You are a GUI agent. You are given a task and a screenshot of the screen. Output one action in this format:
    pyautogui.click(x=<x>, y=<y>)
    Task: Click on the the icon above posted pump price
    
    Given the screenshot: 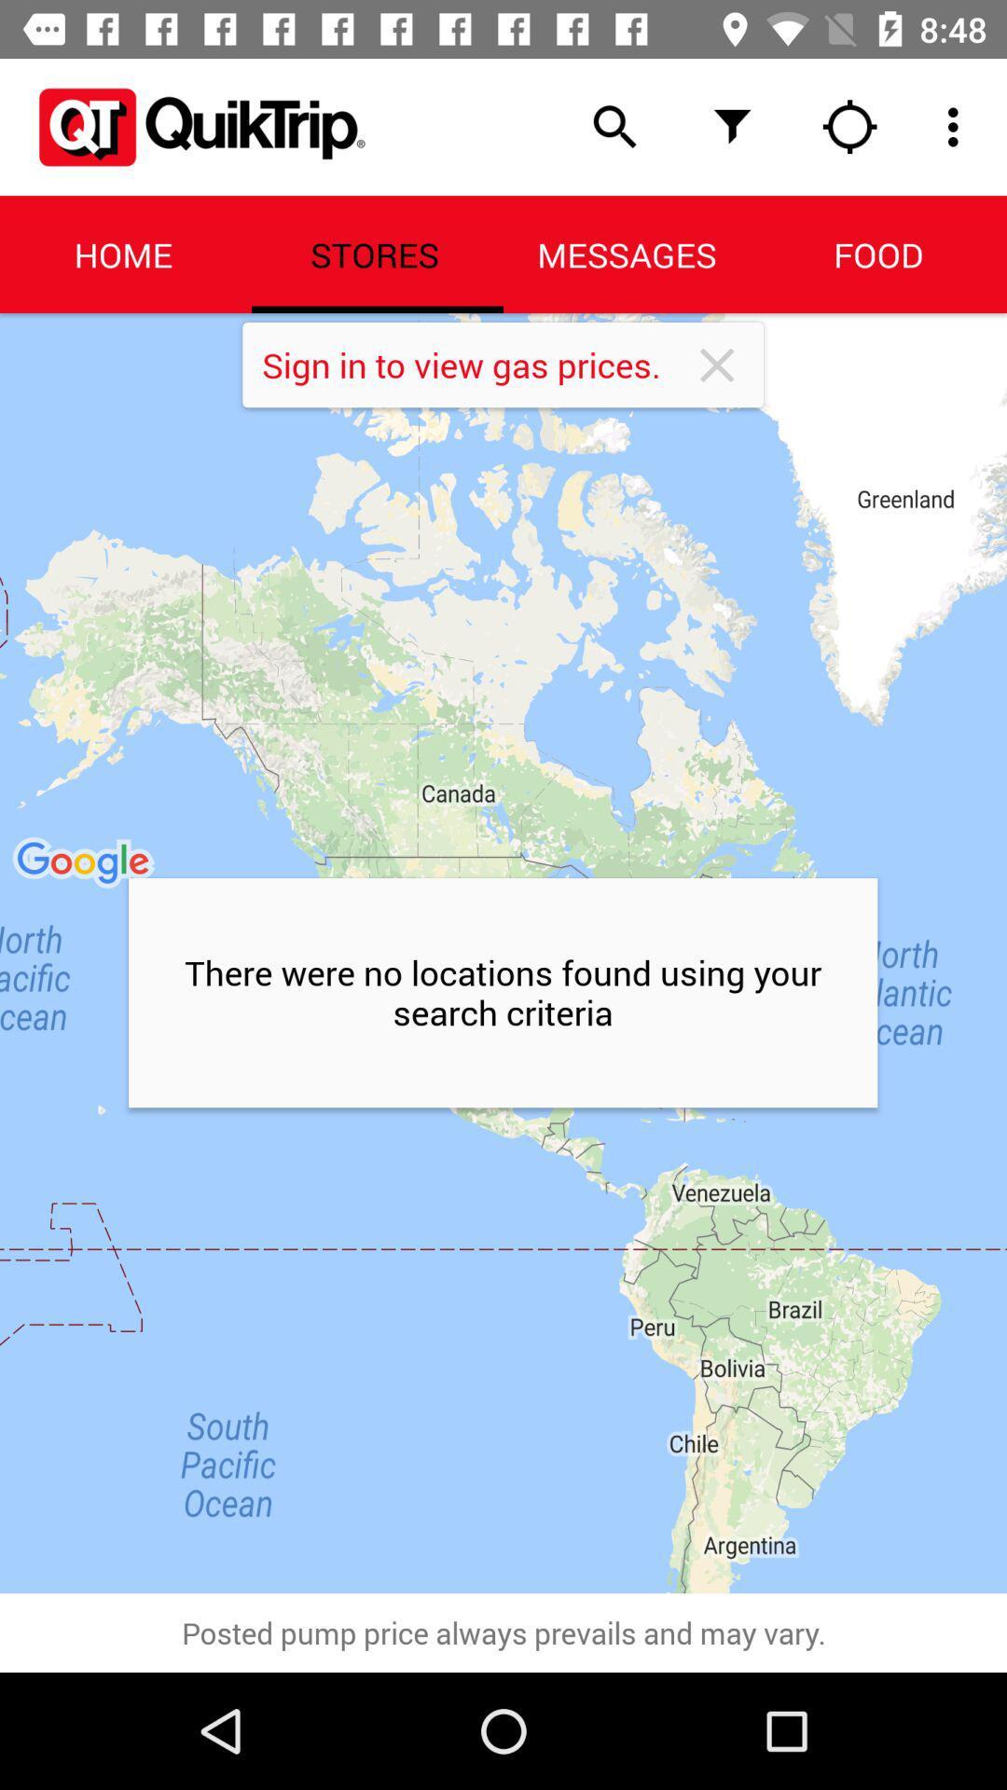 What is the action you would take?
    pyautogui.click(x=504, y=953)
    